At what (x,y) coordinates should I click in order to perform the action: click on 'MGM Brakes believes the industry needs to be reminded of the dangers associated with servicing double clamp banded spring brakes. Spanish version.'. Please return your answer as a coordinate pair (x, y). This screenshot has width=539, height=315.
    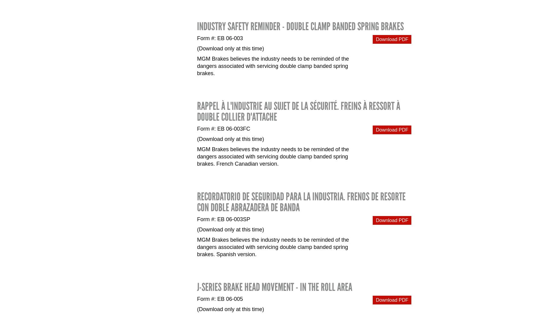
    Looking at the image, I should click on (273, 246).